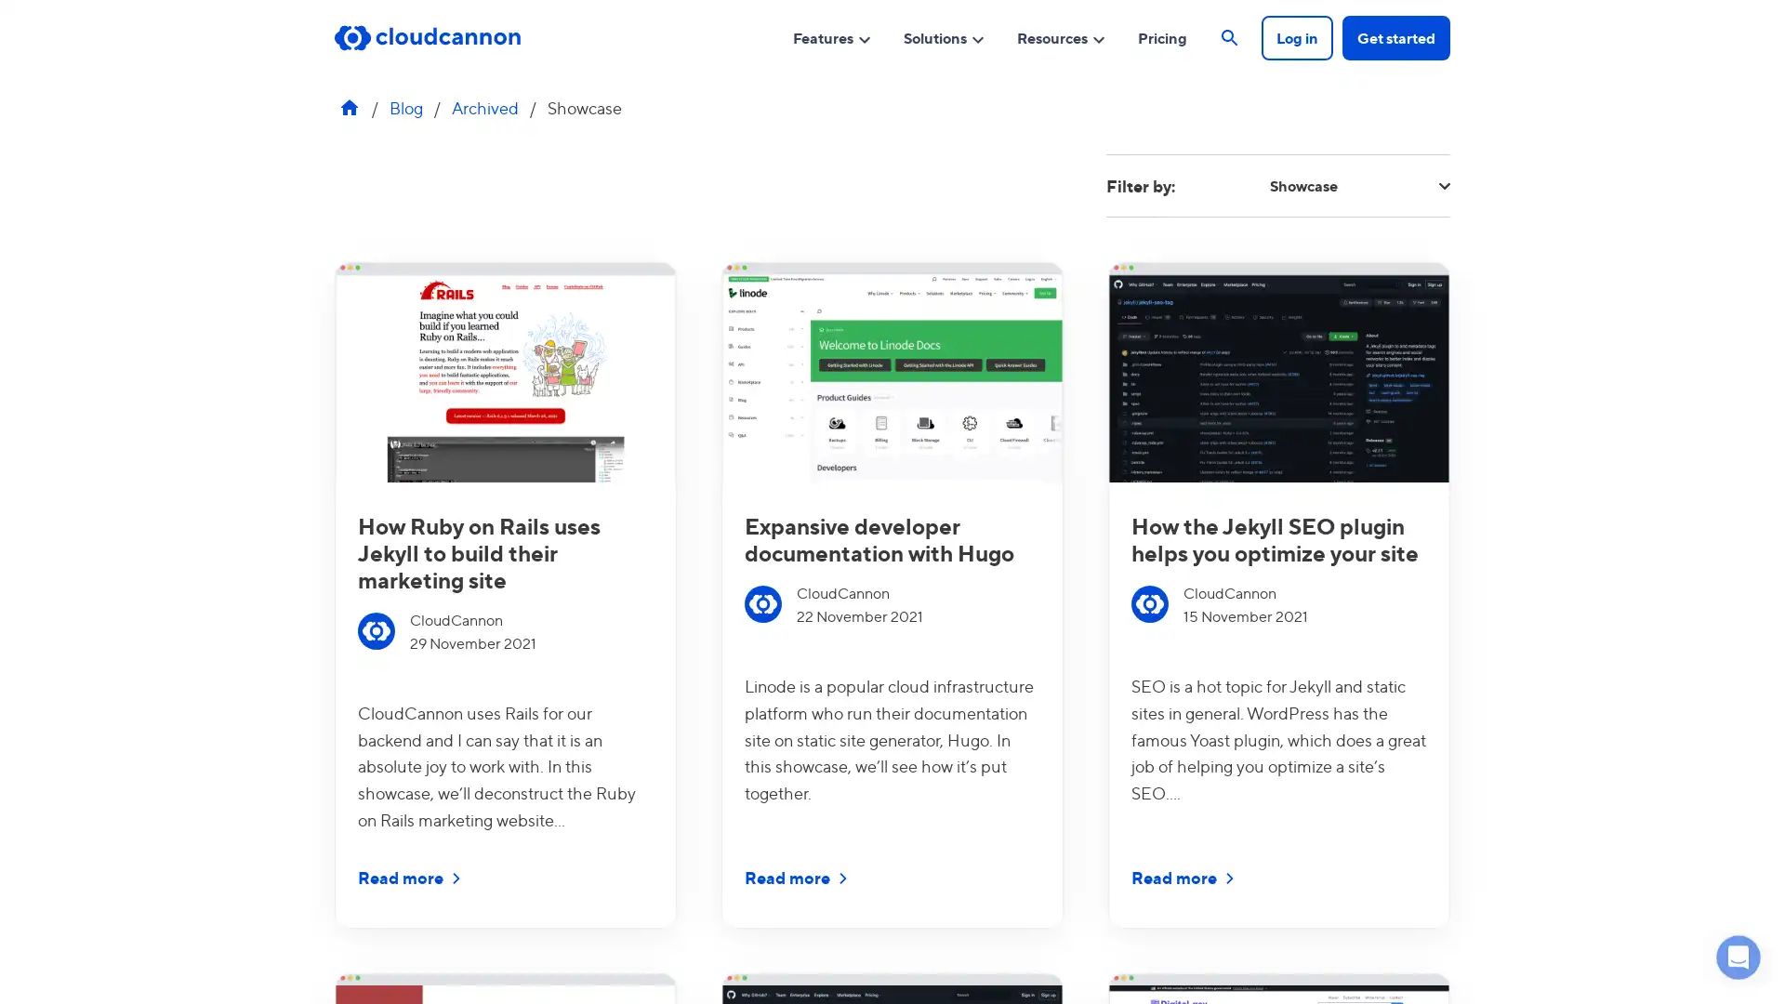  What do you see at coordinates (831, 36) in the screenshot?
I see `Features` at bounding box center [831, 36].